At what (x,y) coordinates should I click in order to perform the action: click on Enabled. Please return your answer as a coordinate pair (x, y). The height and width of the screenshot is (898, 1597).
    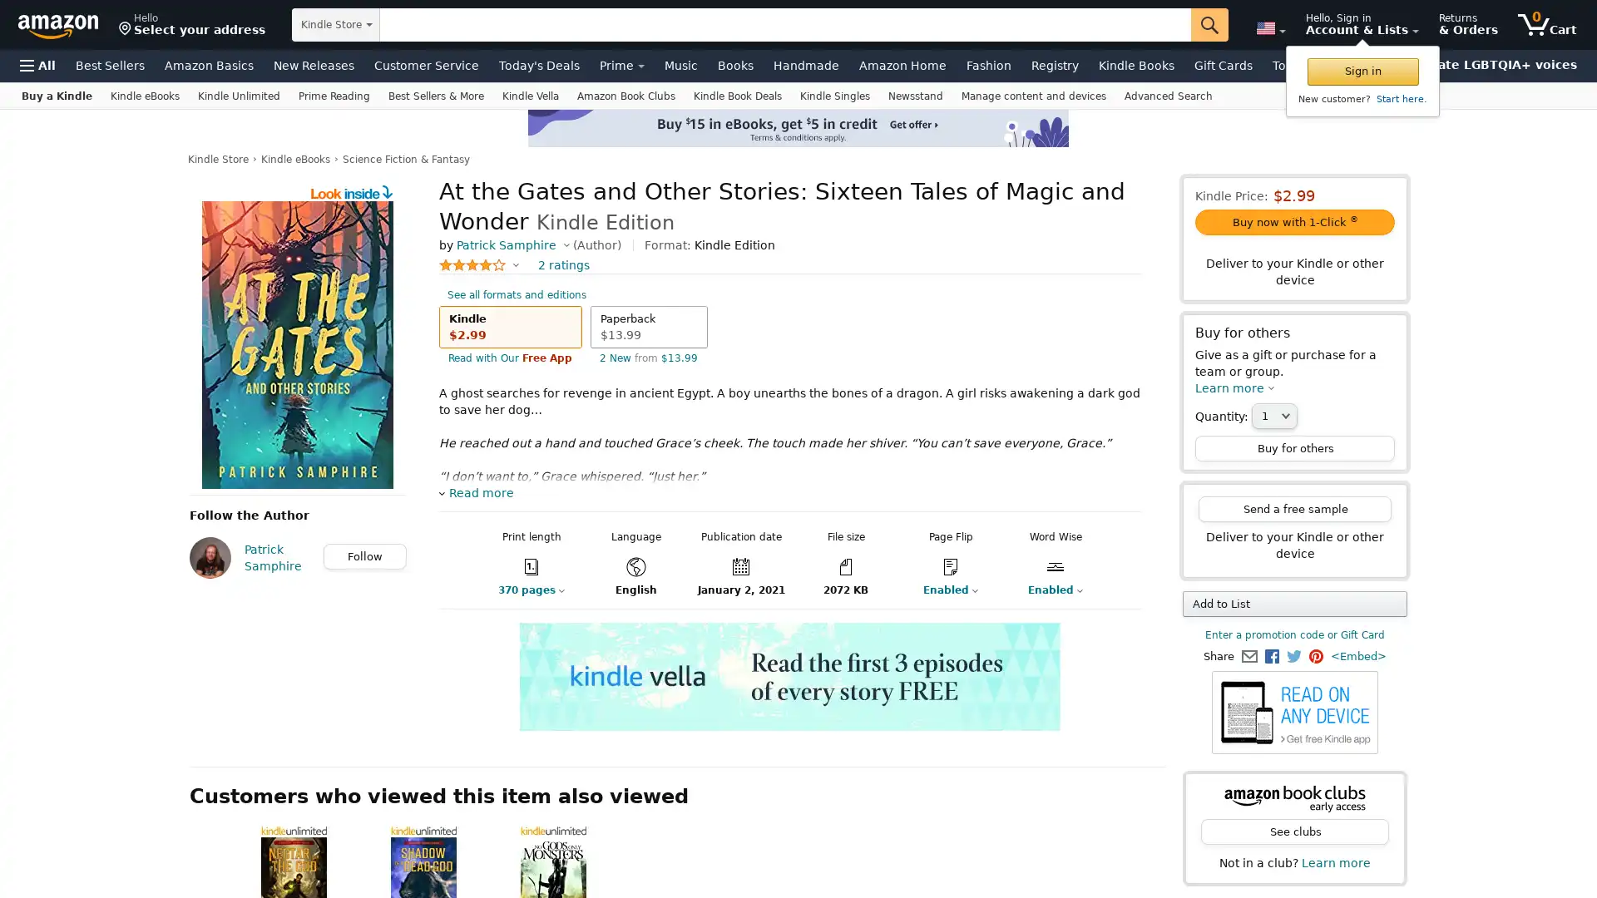
    Looking at the image, I should click on (1045, 589).